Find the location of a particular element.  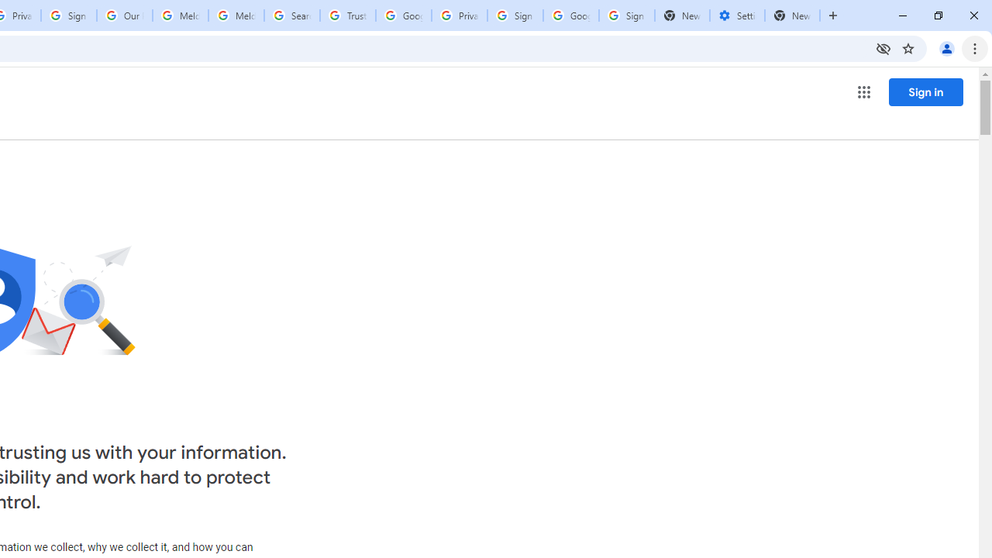

'Google Ads - Sign in' is located at coordinates (403, 15).